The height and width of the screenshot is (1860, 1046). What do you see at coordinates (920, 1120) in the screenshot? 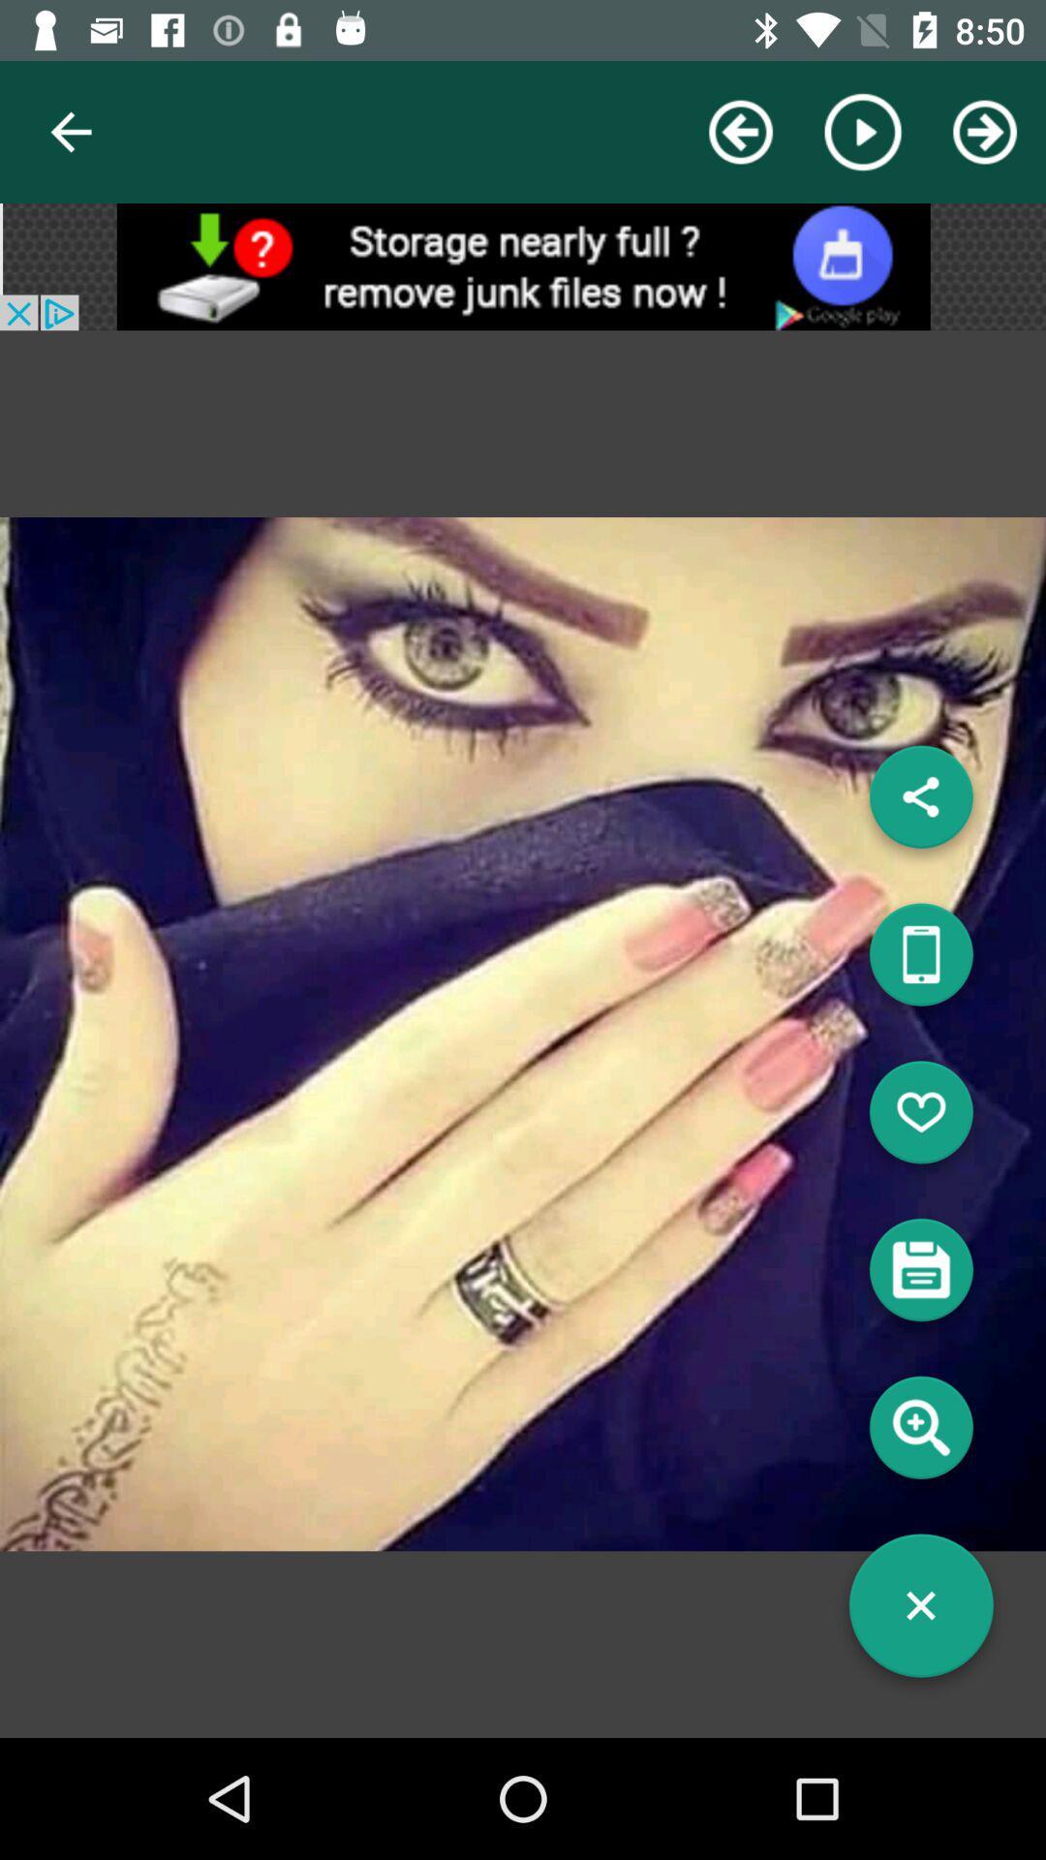
I see `mark favorite` at bounding box center [920, 1120].